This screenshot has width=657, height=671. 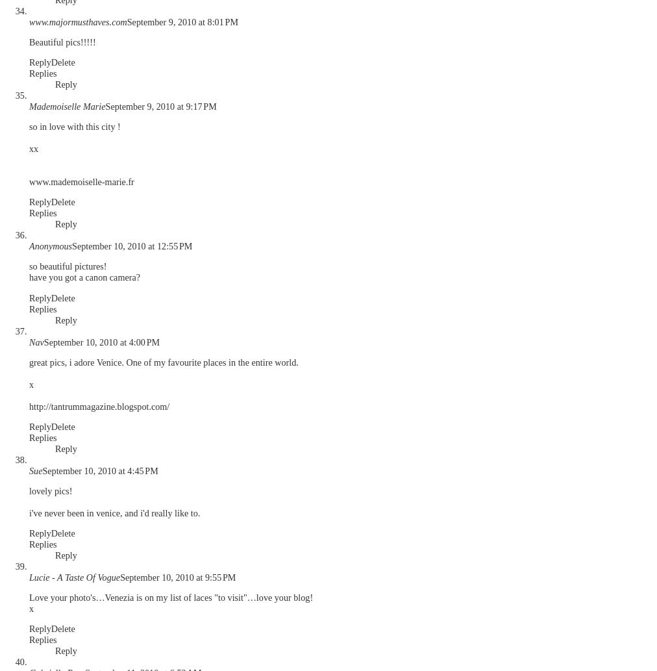 I want to click on 'great pics, i adore Venice. One of my favourite places in the entire world.', so click(x=163, y=361).